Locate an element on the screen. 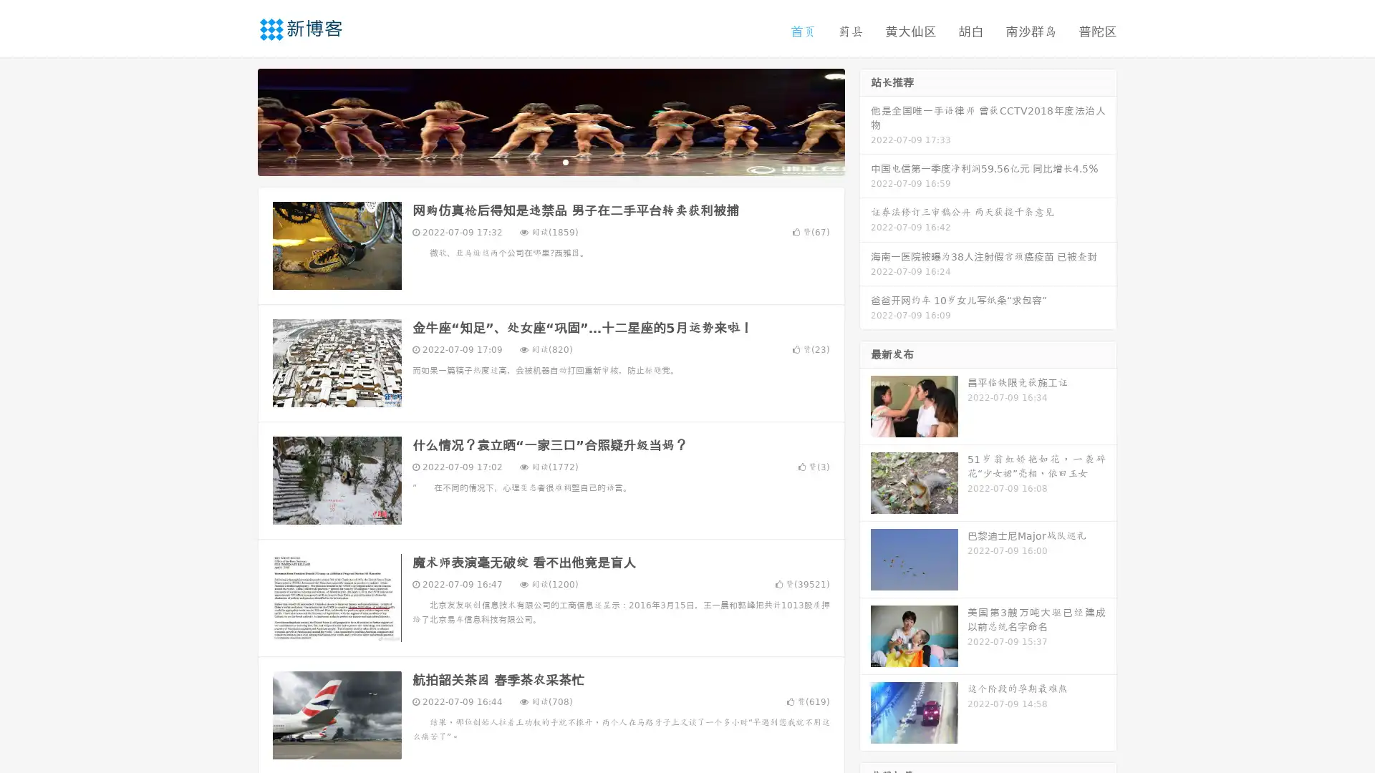  Go to slide 2 is located at coordinates (550, 161).